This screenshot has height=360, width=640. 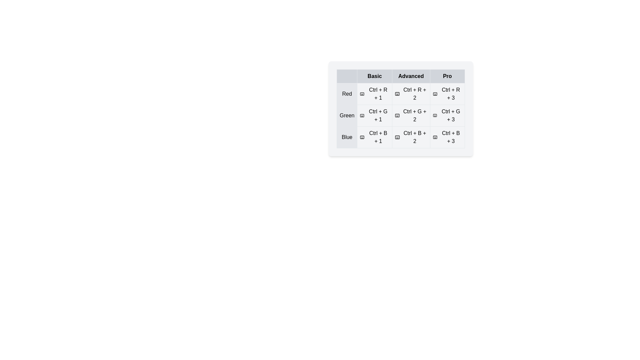 I want to click on the label indicating the keyboard shortcut for the 'Blue' category in the 'Basic' tier located in the table under the 'Basic' column and 'Blue' row, so click(x=375, y=137).